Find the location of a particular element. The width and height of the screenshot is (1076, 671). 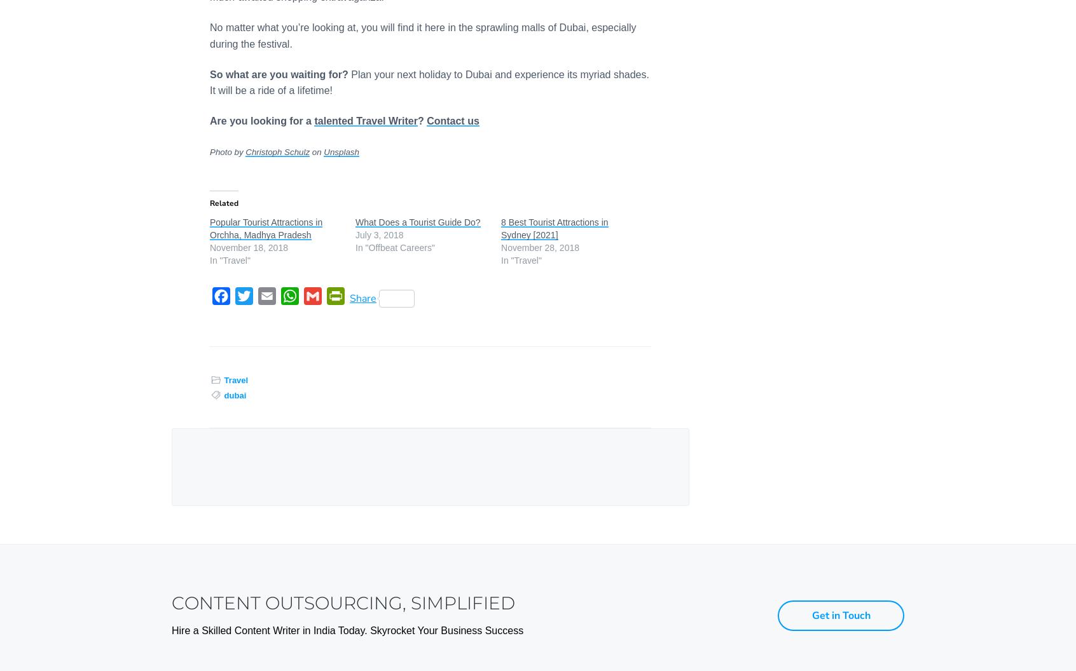

'Unsplash' is located at coordinates (341, 151).